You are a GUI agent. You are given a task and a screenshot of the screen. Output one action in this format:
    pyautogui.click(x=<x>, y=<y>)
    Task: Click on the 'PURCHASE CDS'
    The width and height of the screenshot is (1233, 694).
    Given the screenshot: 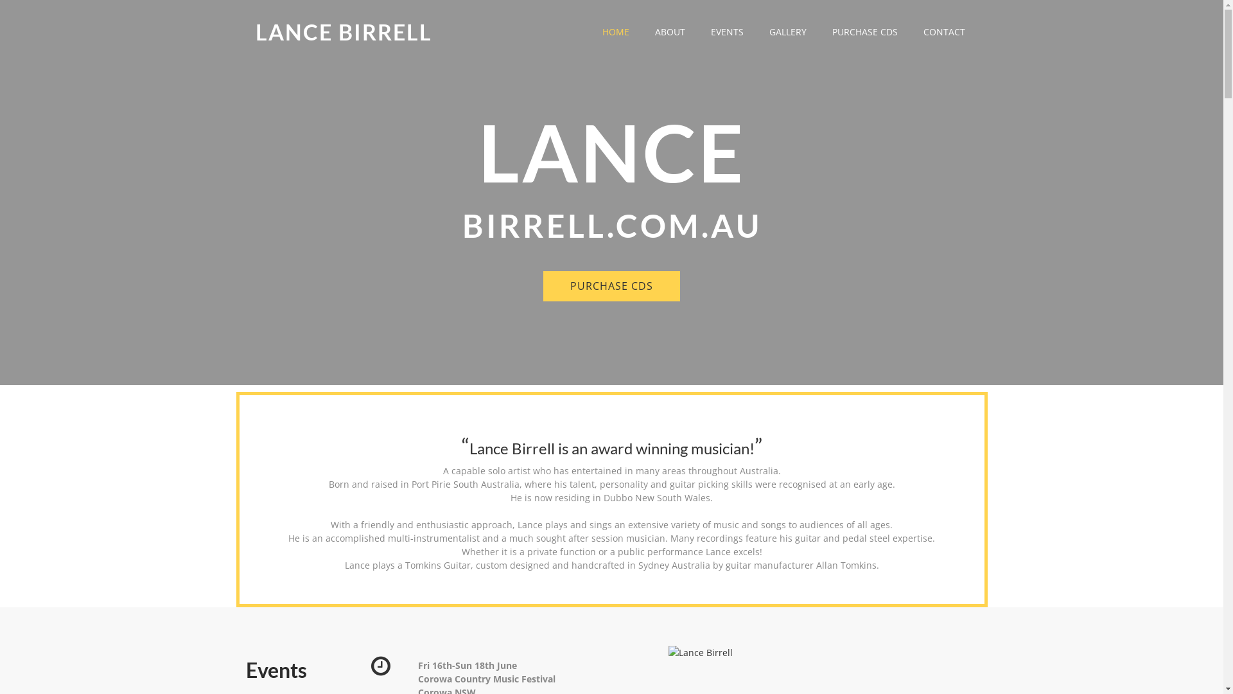 What is the action you would take?
    pyautogui.click(x=865, y=31)
    